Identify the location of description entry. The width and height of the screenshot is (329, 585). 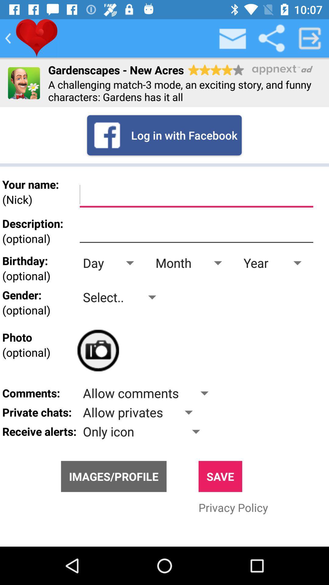
(196, 231).